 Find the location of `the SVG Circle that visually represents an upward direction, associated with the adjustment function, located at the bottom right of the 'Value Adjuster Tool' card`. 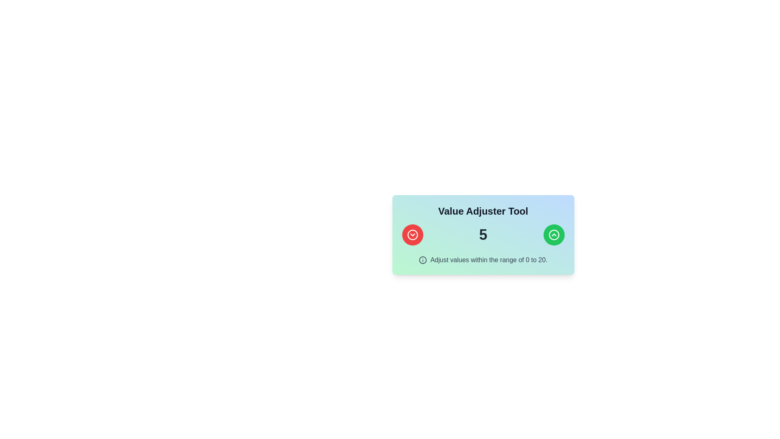

the SVG Circle that visually represents an upward direction, associated with the adjustment function, located at the bottom right of the 'Value Adjuster Tool' card is located at coordinates (553, 235).